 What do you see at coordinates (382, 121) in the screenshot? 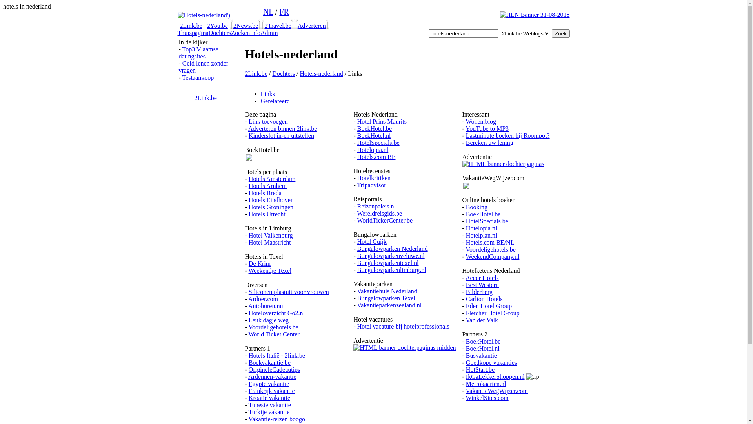
I see `'Hotel Prins Maurits'` at bounding box center [382, 121].